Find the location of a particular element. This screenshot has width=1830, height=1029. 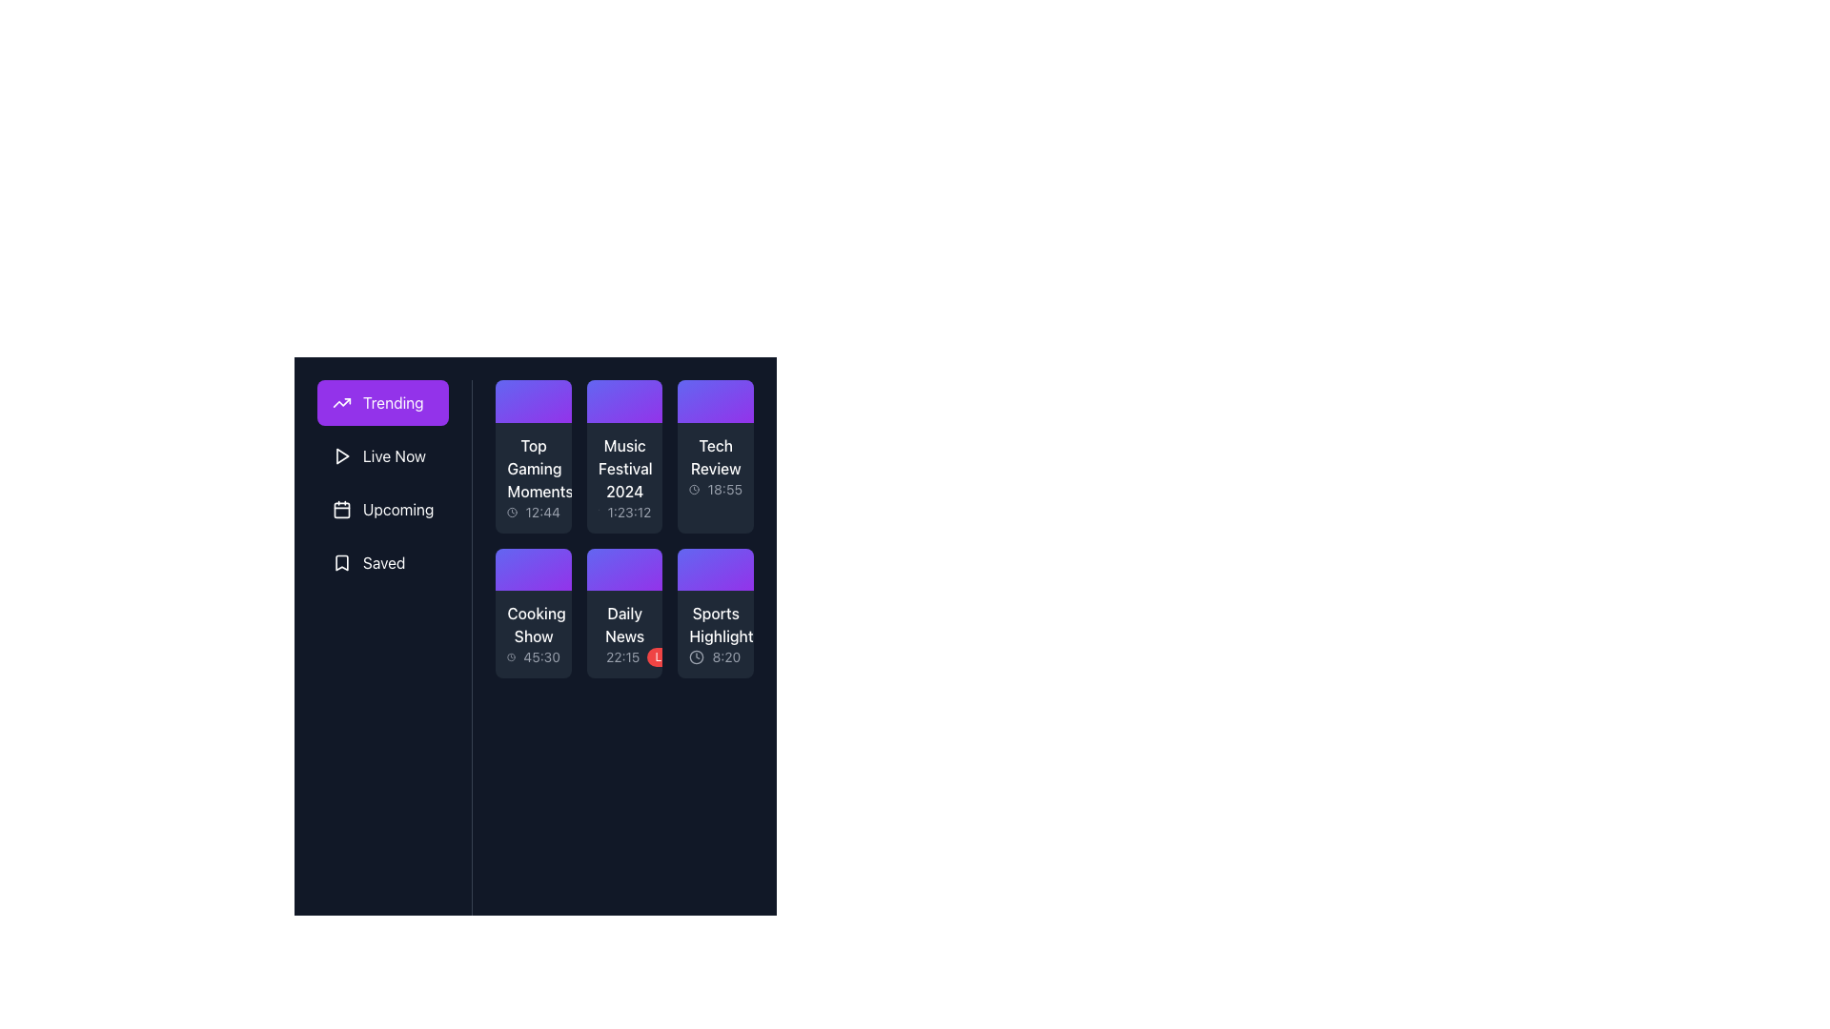

the time label displaying '8:20' in white sans-serif text located at the bottom right corner of the 'Sports Highlight' card is located at coordinates (725, 656).